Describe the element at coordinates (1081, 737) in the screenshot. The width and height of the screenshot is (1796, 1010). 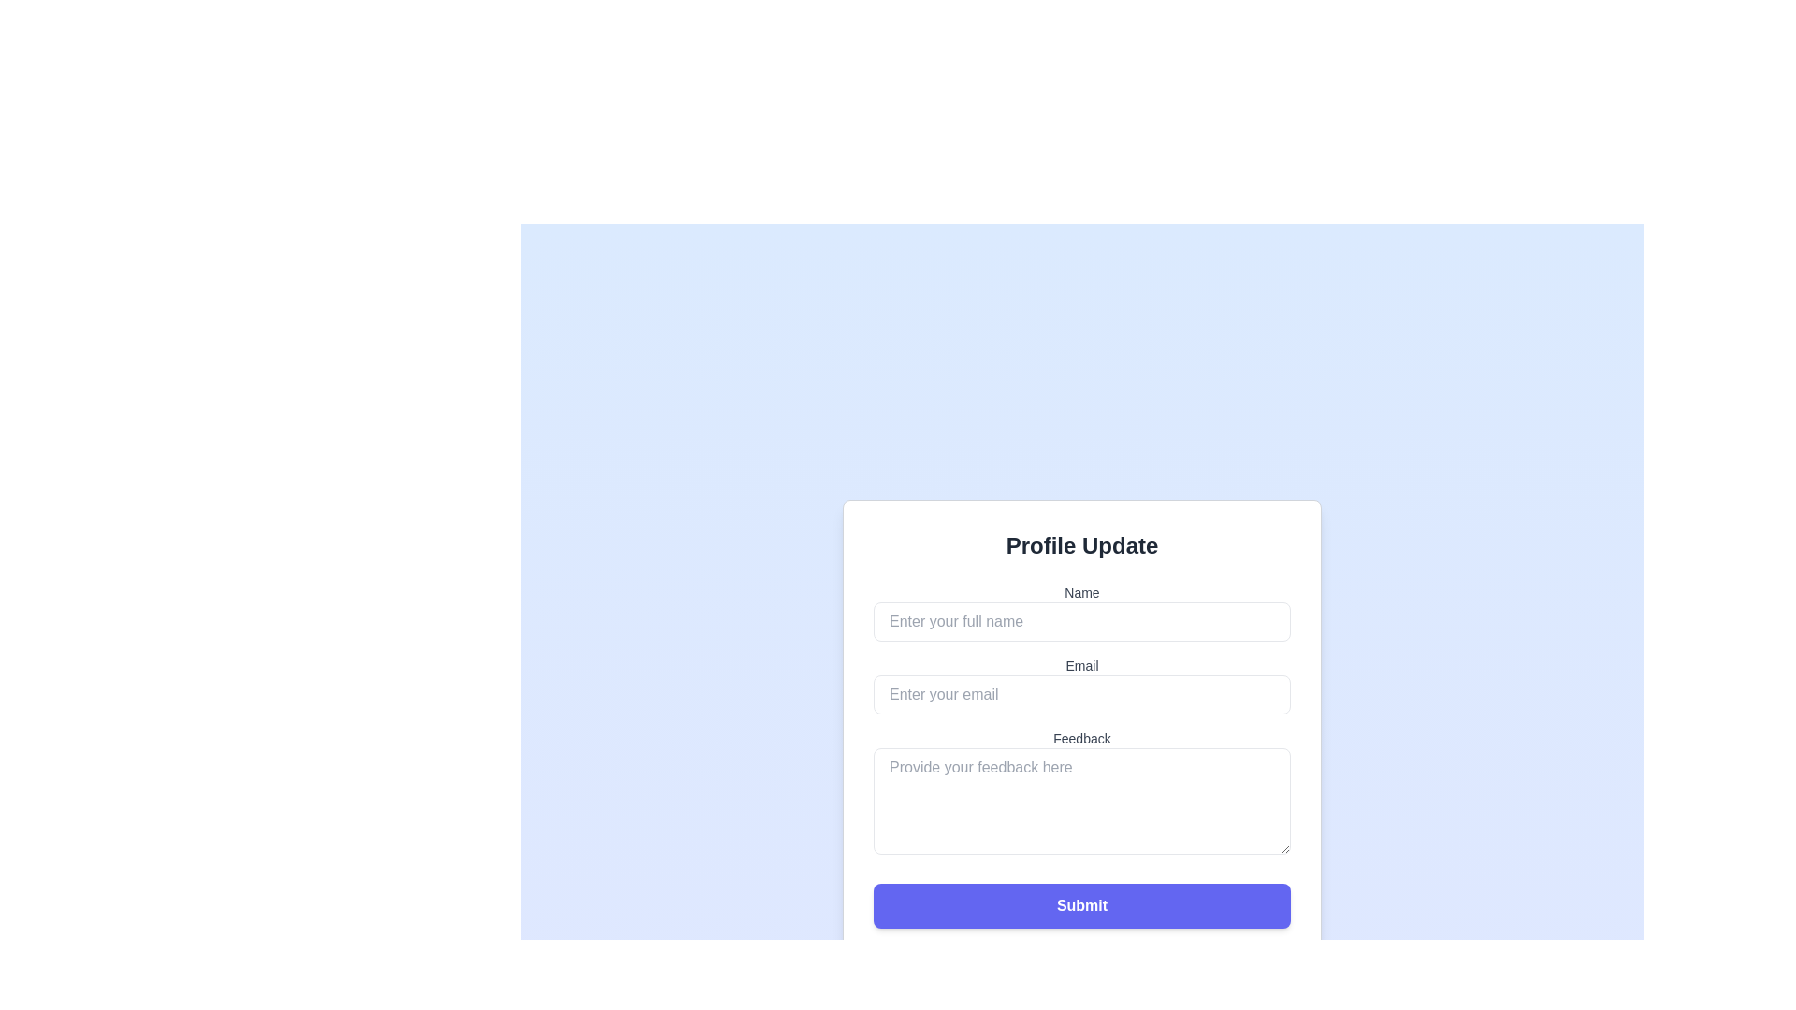
I see `the 'Feedback' text label, which is styled in gray and positioned above the feedback text input area within a white card on a light blue background` at that location.